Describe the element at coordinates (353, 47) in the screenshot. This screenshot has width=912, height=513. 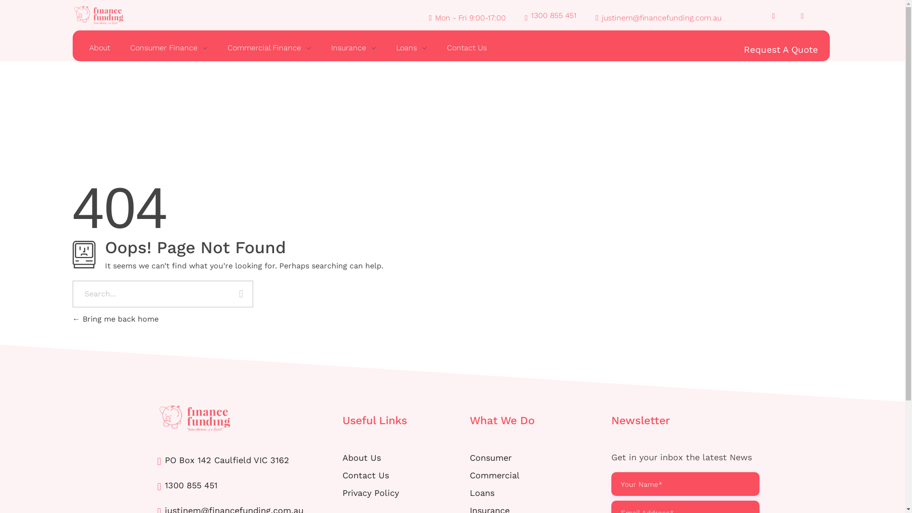
I see `'Insurance'` at that location.